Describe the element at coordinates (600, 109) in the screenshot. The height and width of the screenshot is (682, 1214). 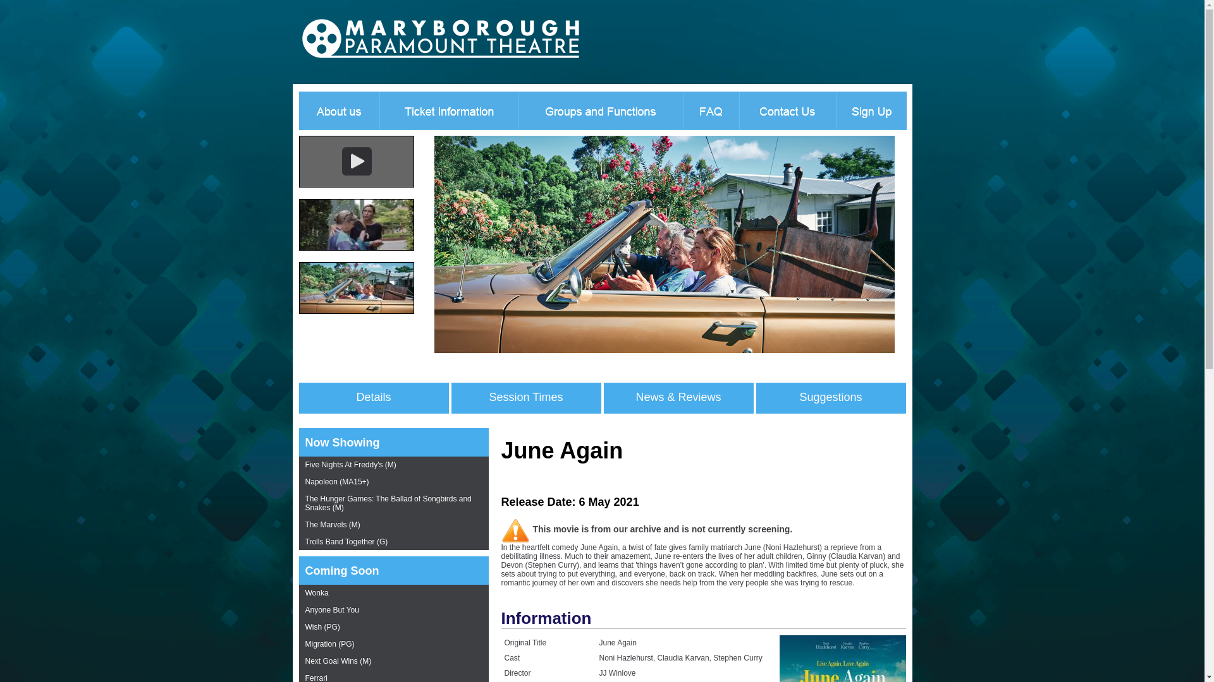
I see `'Groups anfd Functions'` at that location.